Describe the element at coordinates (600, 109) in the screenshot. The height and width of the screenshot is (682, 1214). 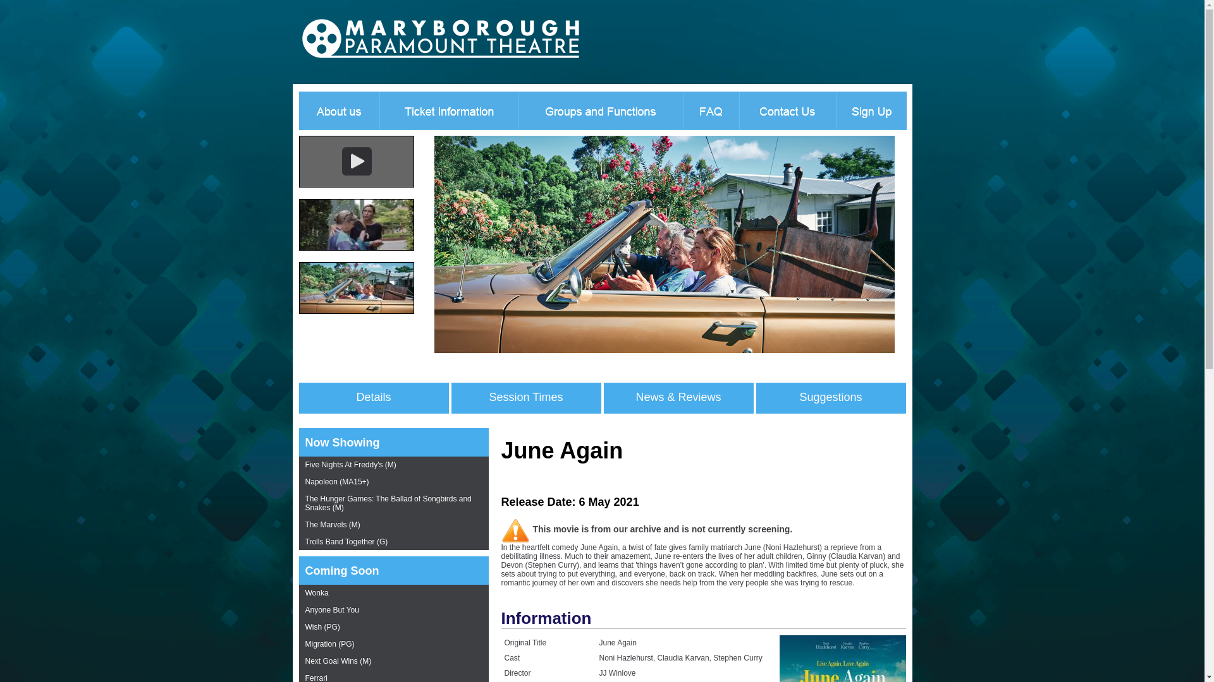
I see `'Groups anfd Functions'` at that location.